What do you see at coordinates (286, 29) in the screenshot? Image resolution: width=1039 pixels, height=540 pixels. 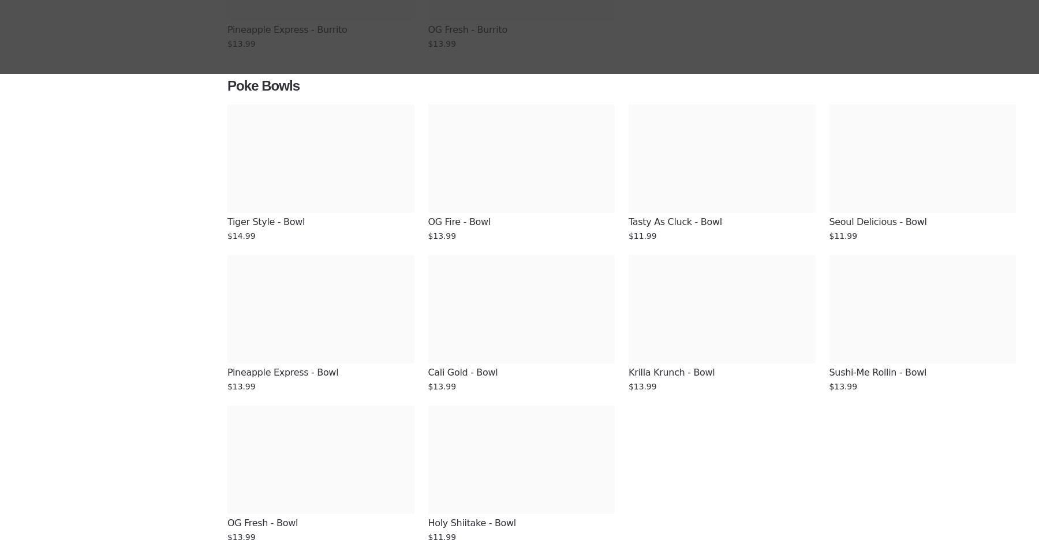 I see `'Pineapple Express - Burrito'` at bounding box center [286, 29].